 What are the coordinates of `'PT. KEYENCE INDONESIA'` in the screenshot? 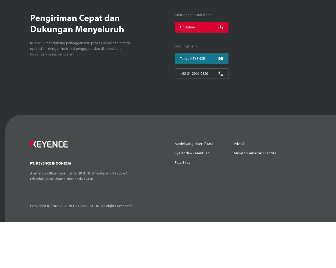 It's located at (51, 163).